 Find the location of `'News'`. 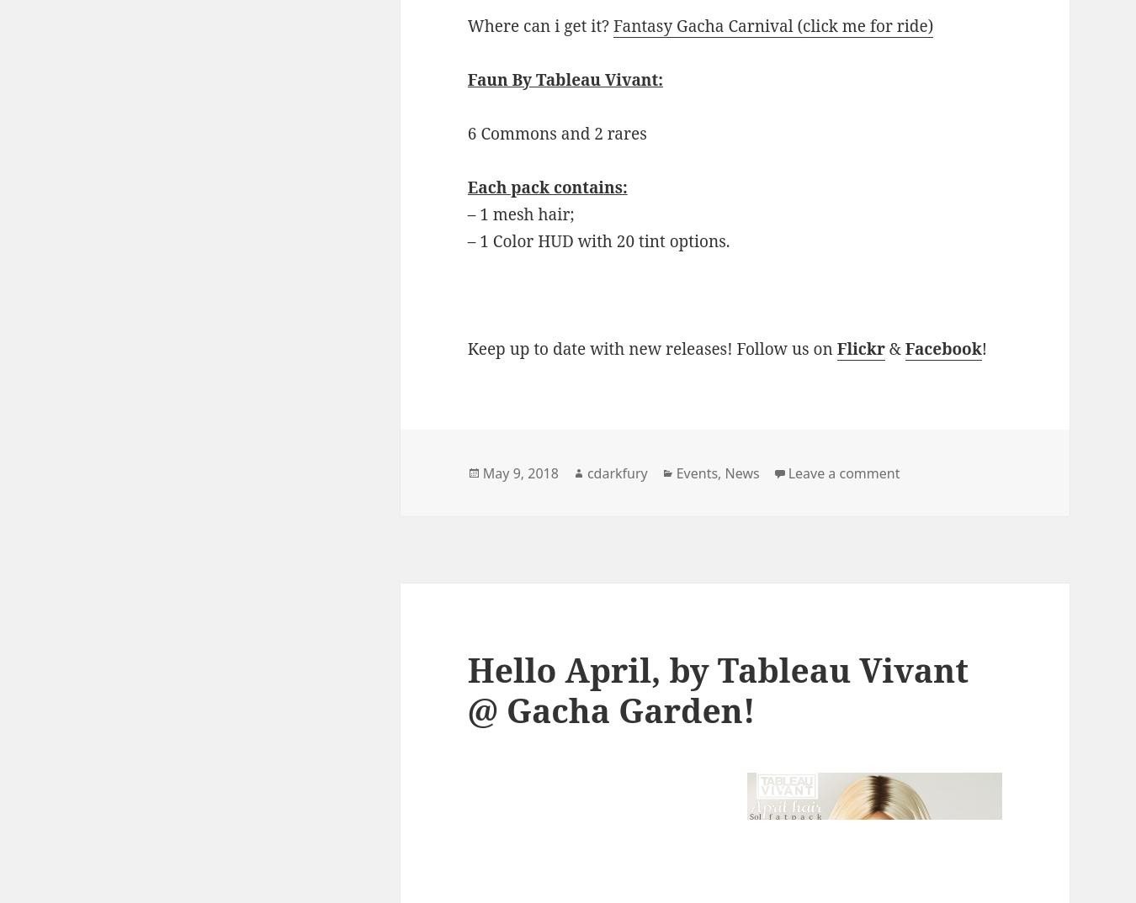

'News' is located at coordinates (741, 472).